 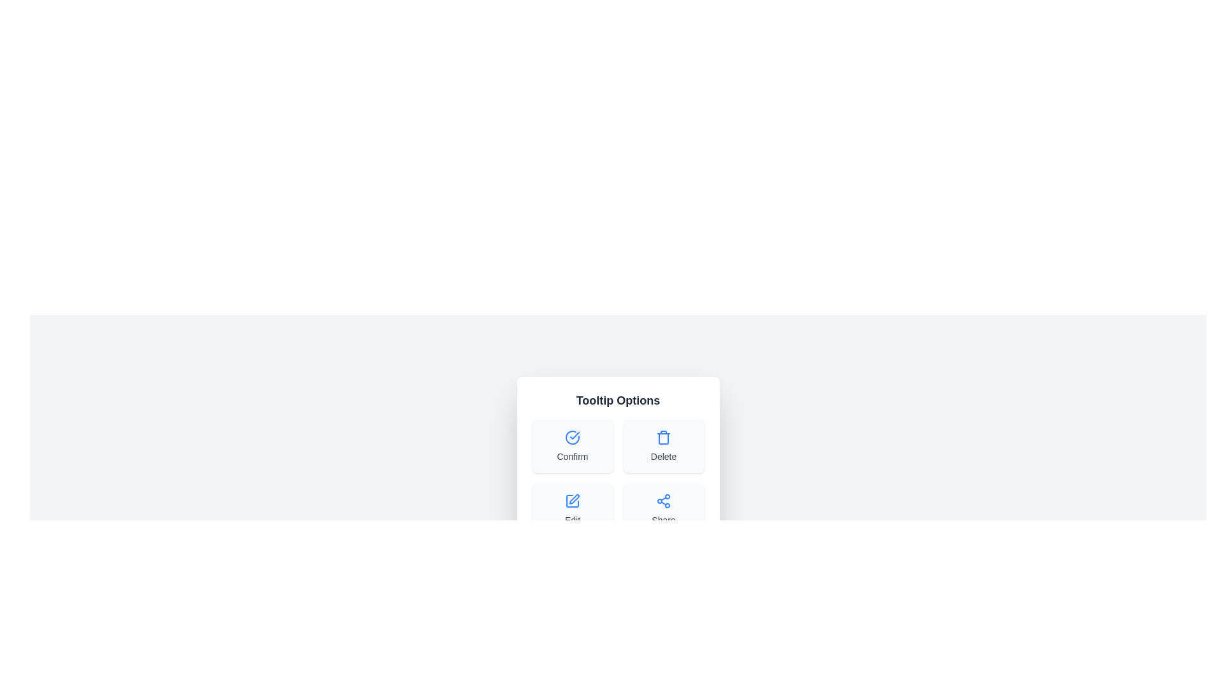 I want to click on the share icon, which visually represents the action for sharing content and is located below the 'Edit' option and to the right of a similar graphical button in the grid layout under 'Tooltip Options', so click(x=662, y=500).